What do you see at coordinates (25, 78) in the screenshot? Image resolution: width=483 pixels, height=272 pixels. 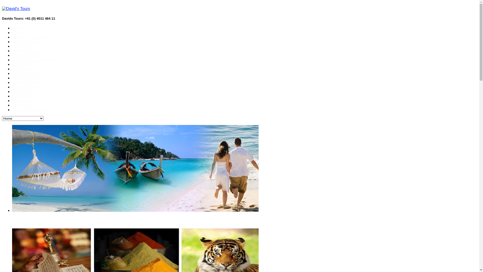 I see `'Portugal Tours'` at bounding box center [25, 78].